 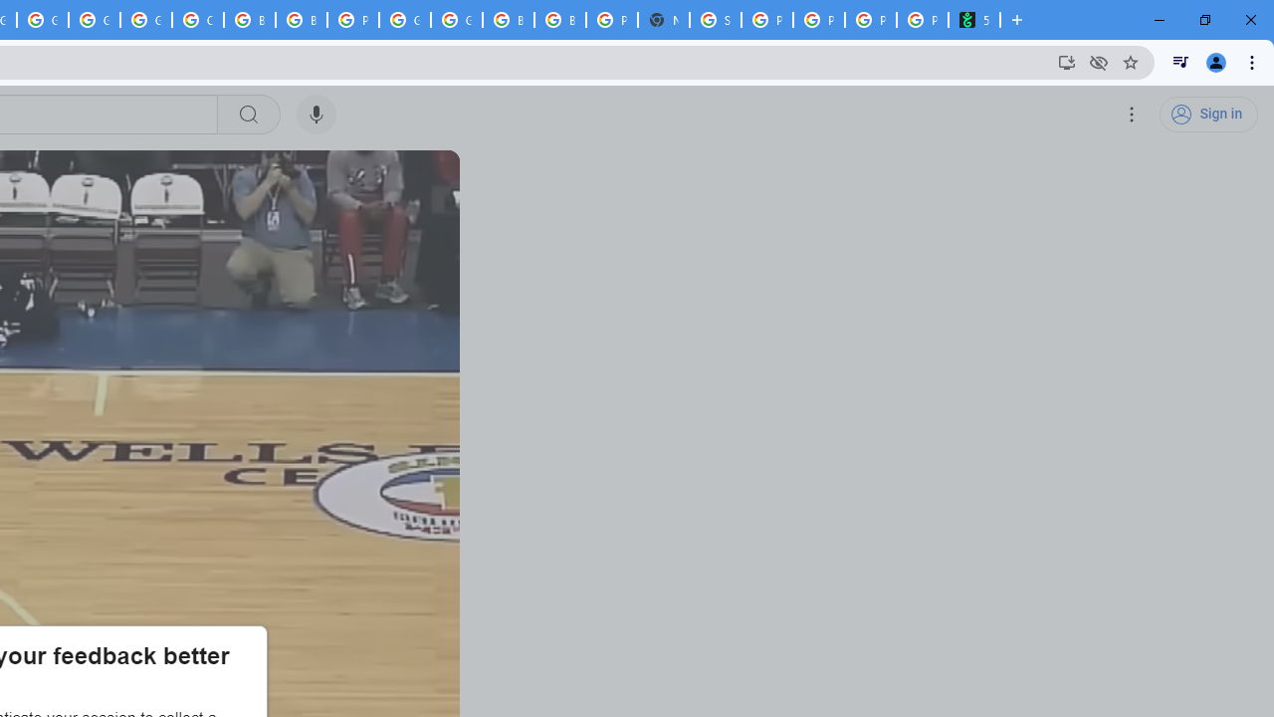 I want to click on 'Browse Chrome as a guest - Computer - Google Chrome Help', so click(x=248, y=20).